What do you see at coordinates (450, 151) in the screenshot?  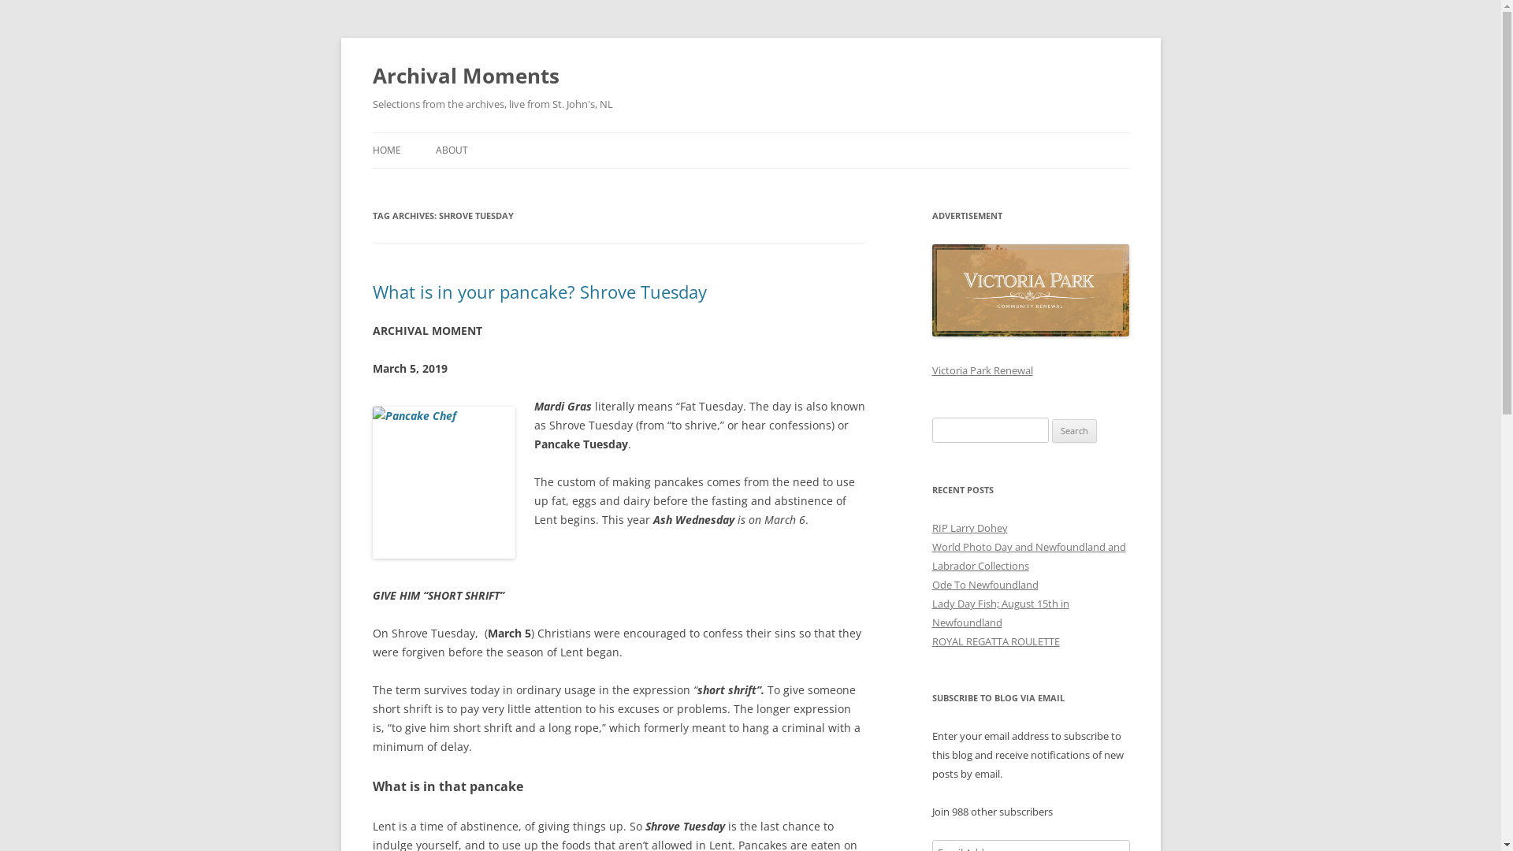 I see `'ABOUT'` at bounding box center [450, 151].